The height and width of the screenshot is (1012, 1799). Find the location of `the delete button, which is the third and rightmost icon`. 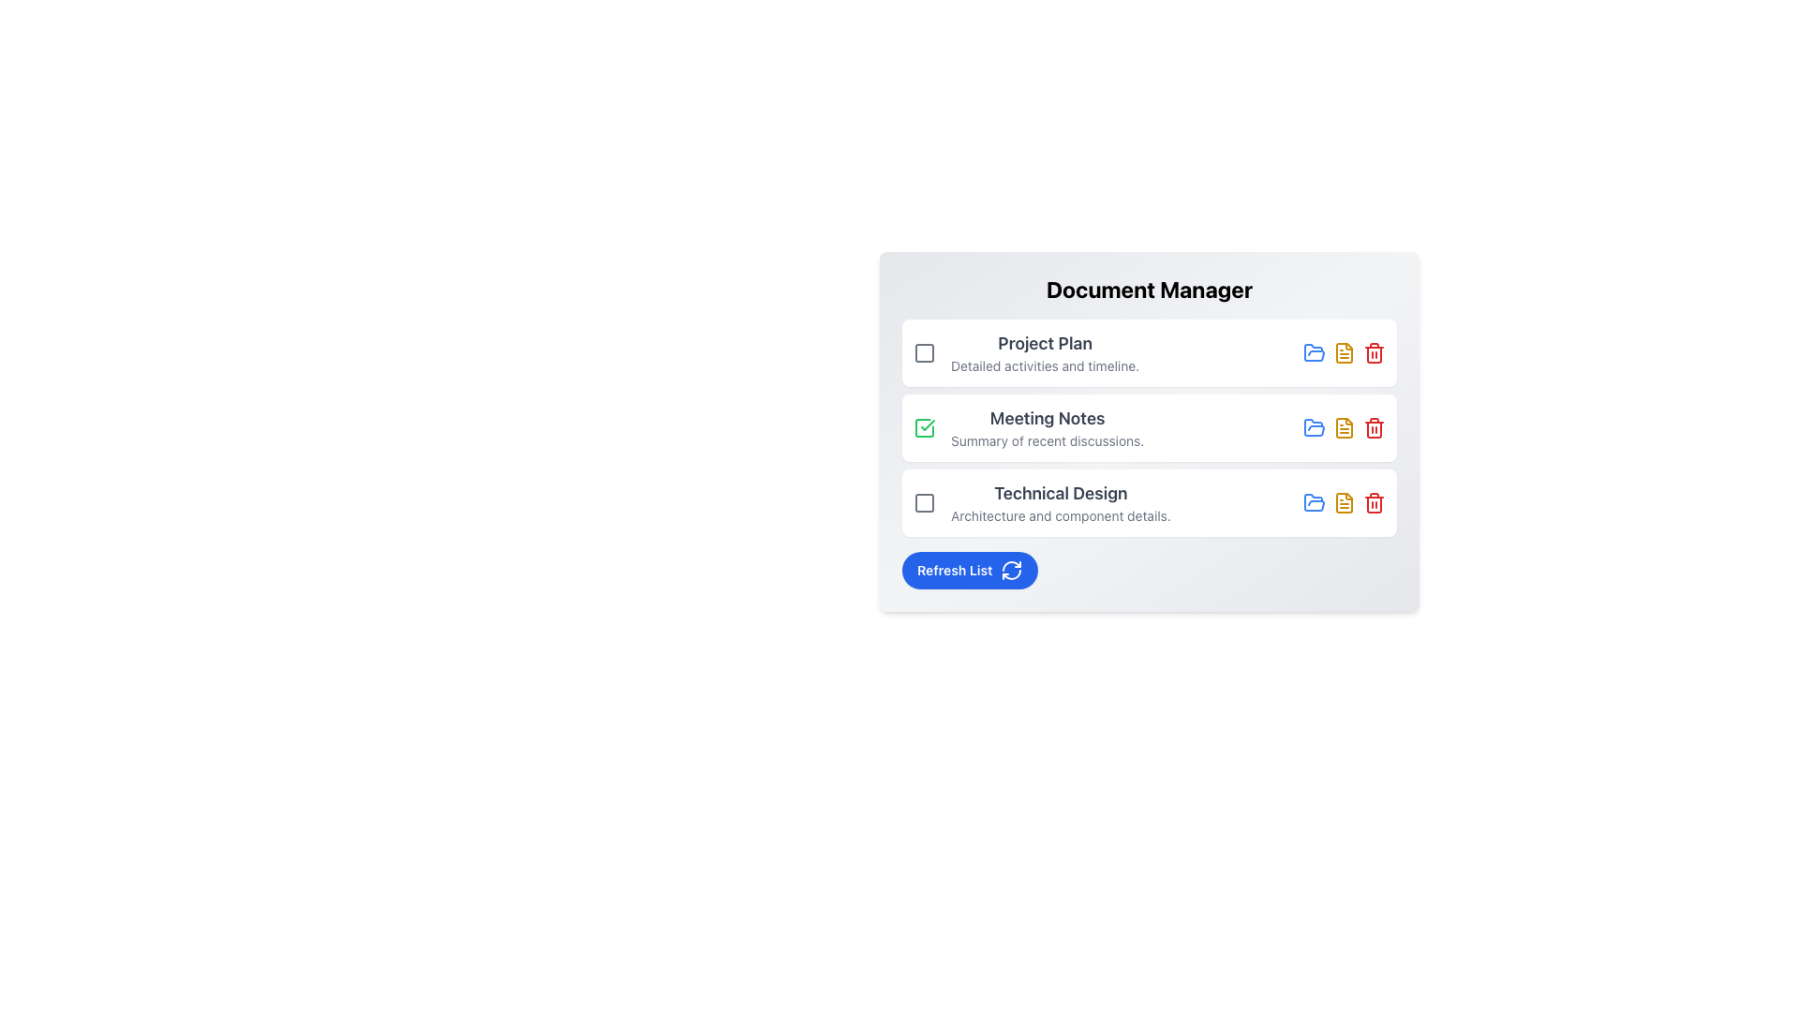

the delete button, which is the third and rightmost icon is located at coordinates (1375, 501).